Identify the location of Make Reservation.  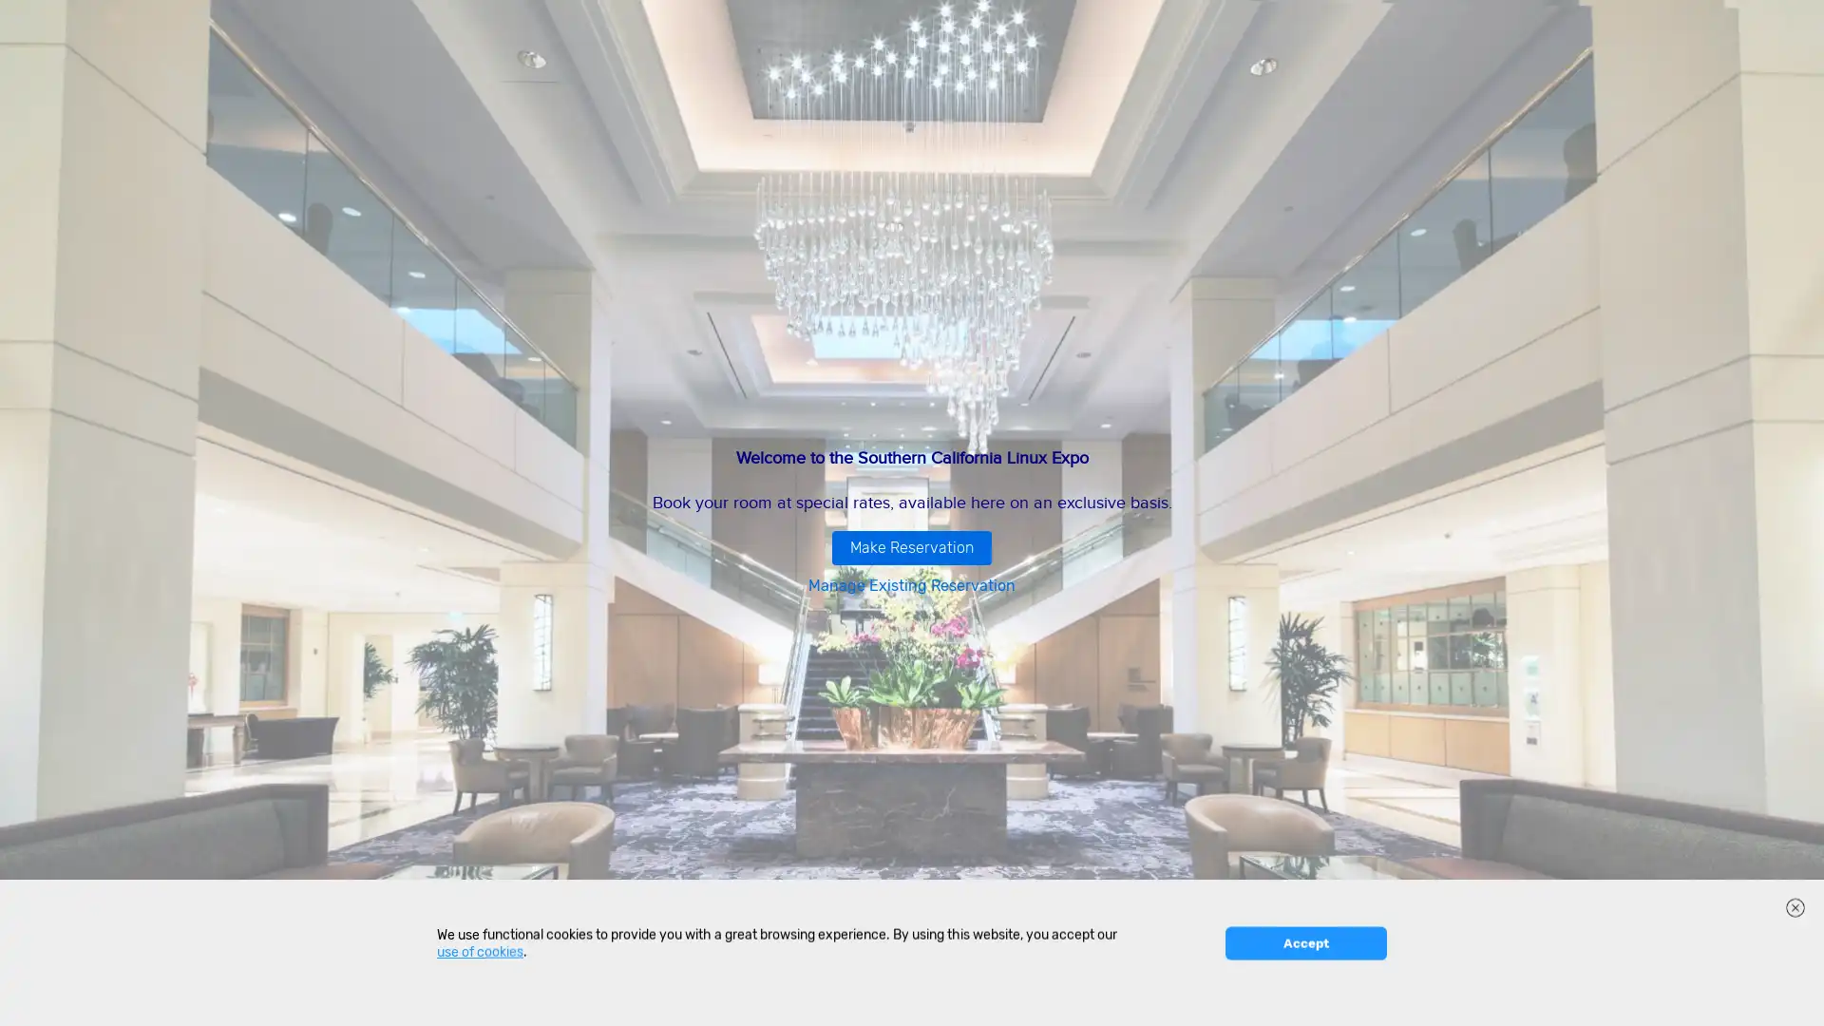
(912, 546).